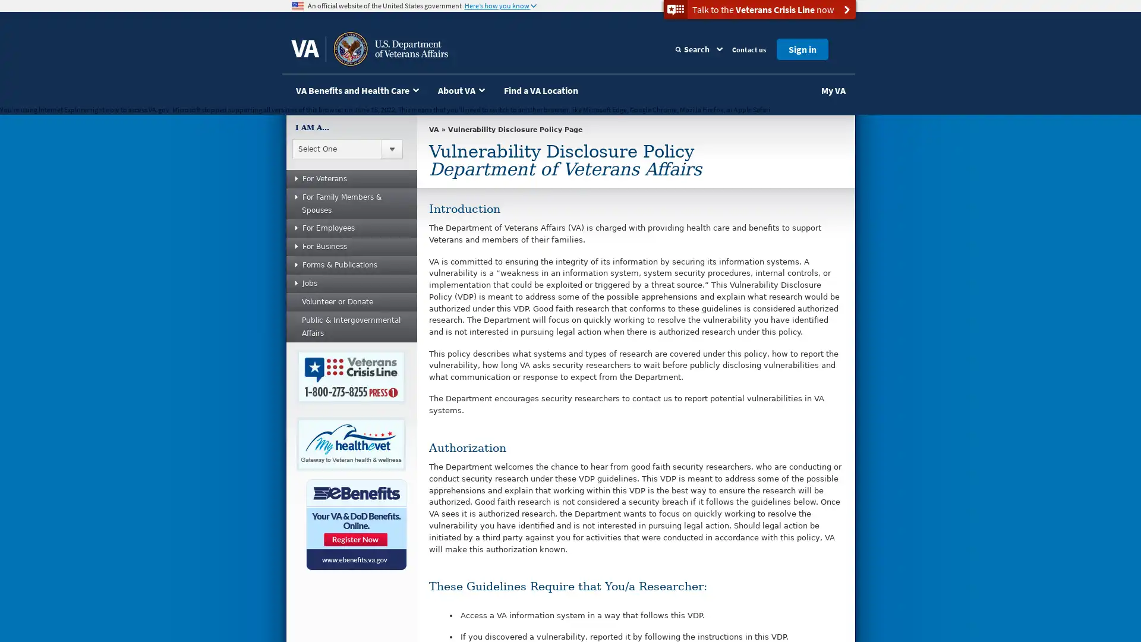 The height and width of the screenshot is (642, 1141). Describe the element at coordinates (500, 6) in the screenshot. I see `Heres how you know` at that location.